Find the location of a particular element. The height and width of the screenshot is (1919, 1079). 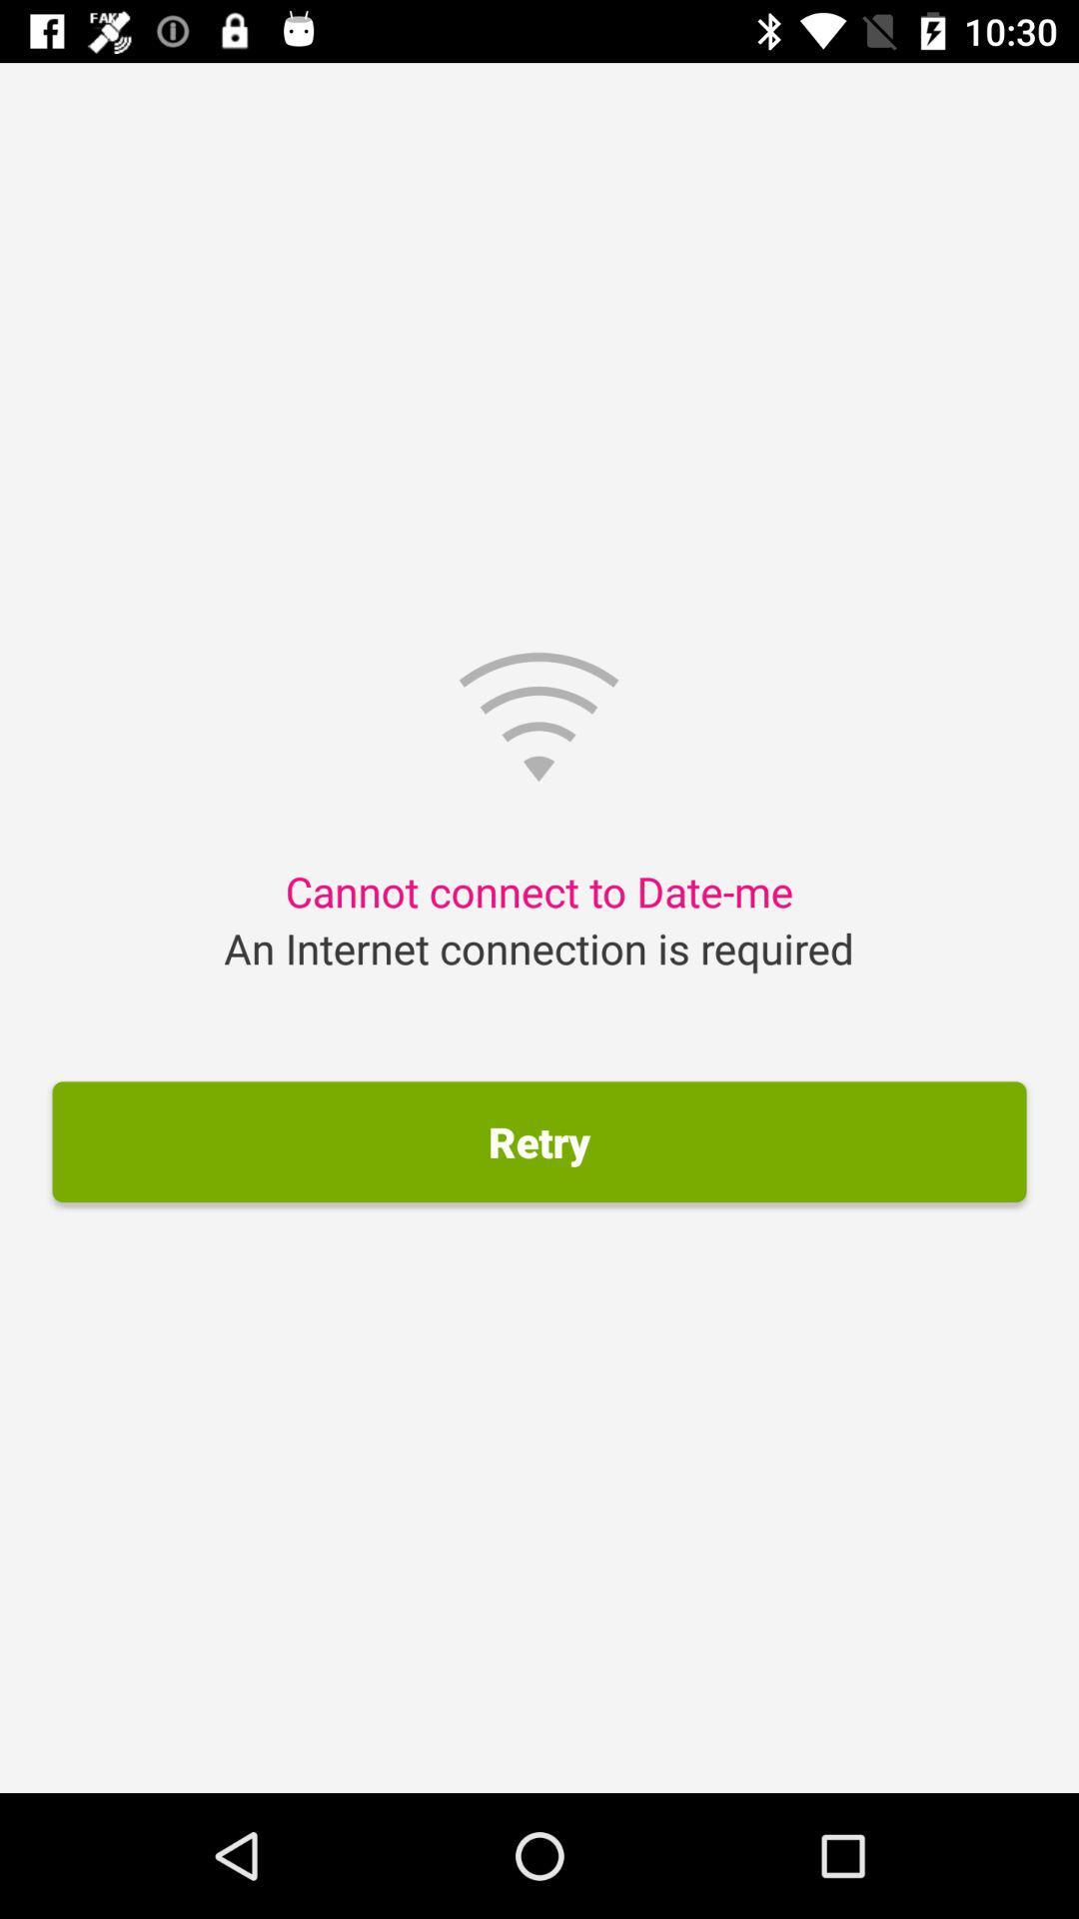

retry button is located at coordinates (539, 1141).